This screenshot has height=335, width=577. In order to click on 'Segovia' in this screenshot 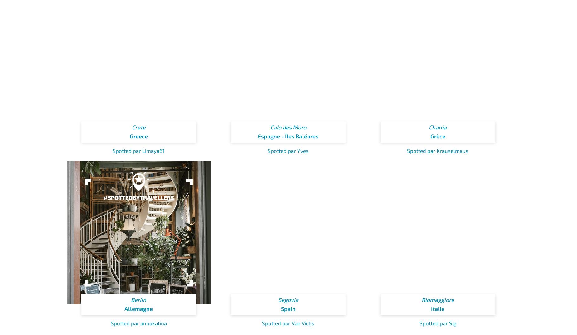, I will do `click(288, 300)`.